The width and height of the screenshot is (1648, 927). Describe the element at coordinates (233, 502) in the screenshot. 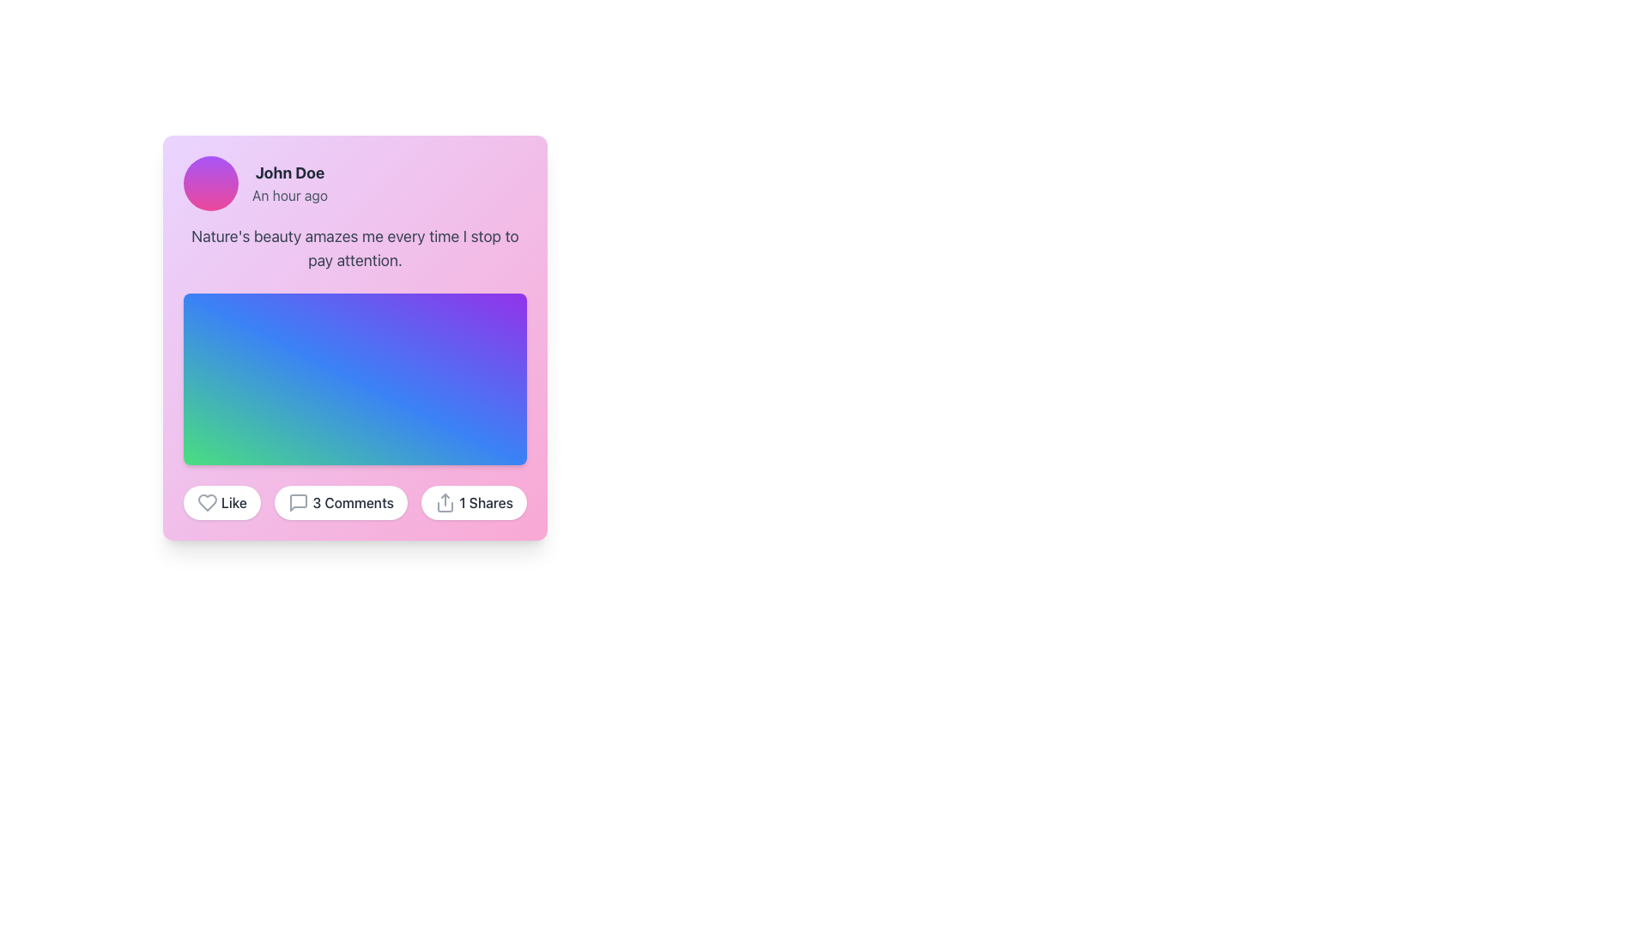

I see `the 'Like' text label, which is styled in a medium weight gray font and located within a round, white button at the bottom left of a card, adjacent to a heart-shaped icon` at that location.